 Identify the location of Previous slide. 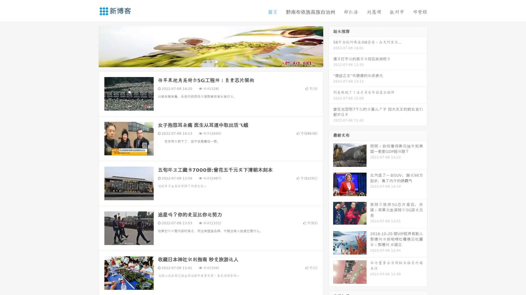
(90, 46).